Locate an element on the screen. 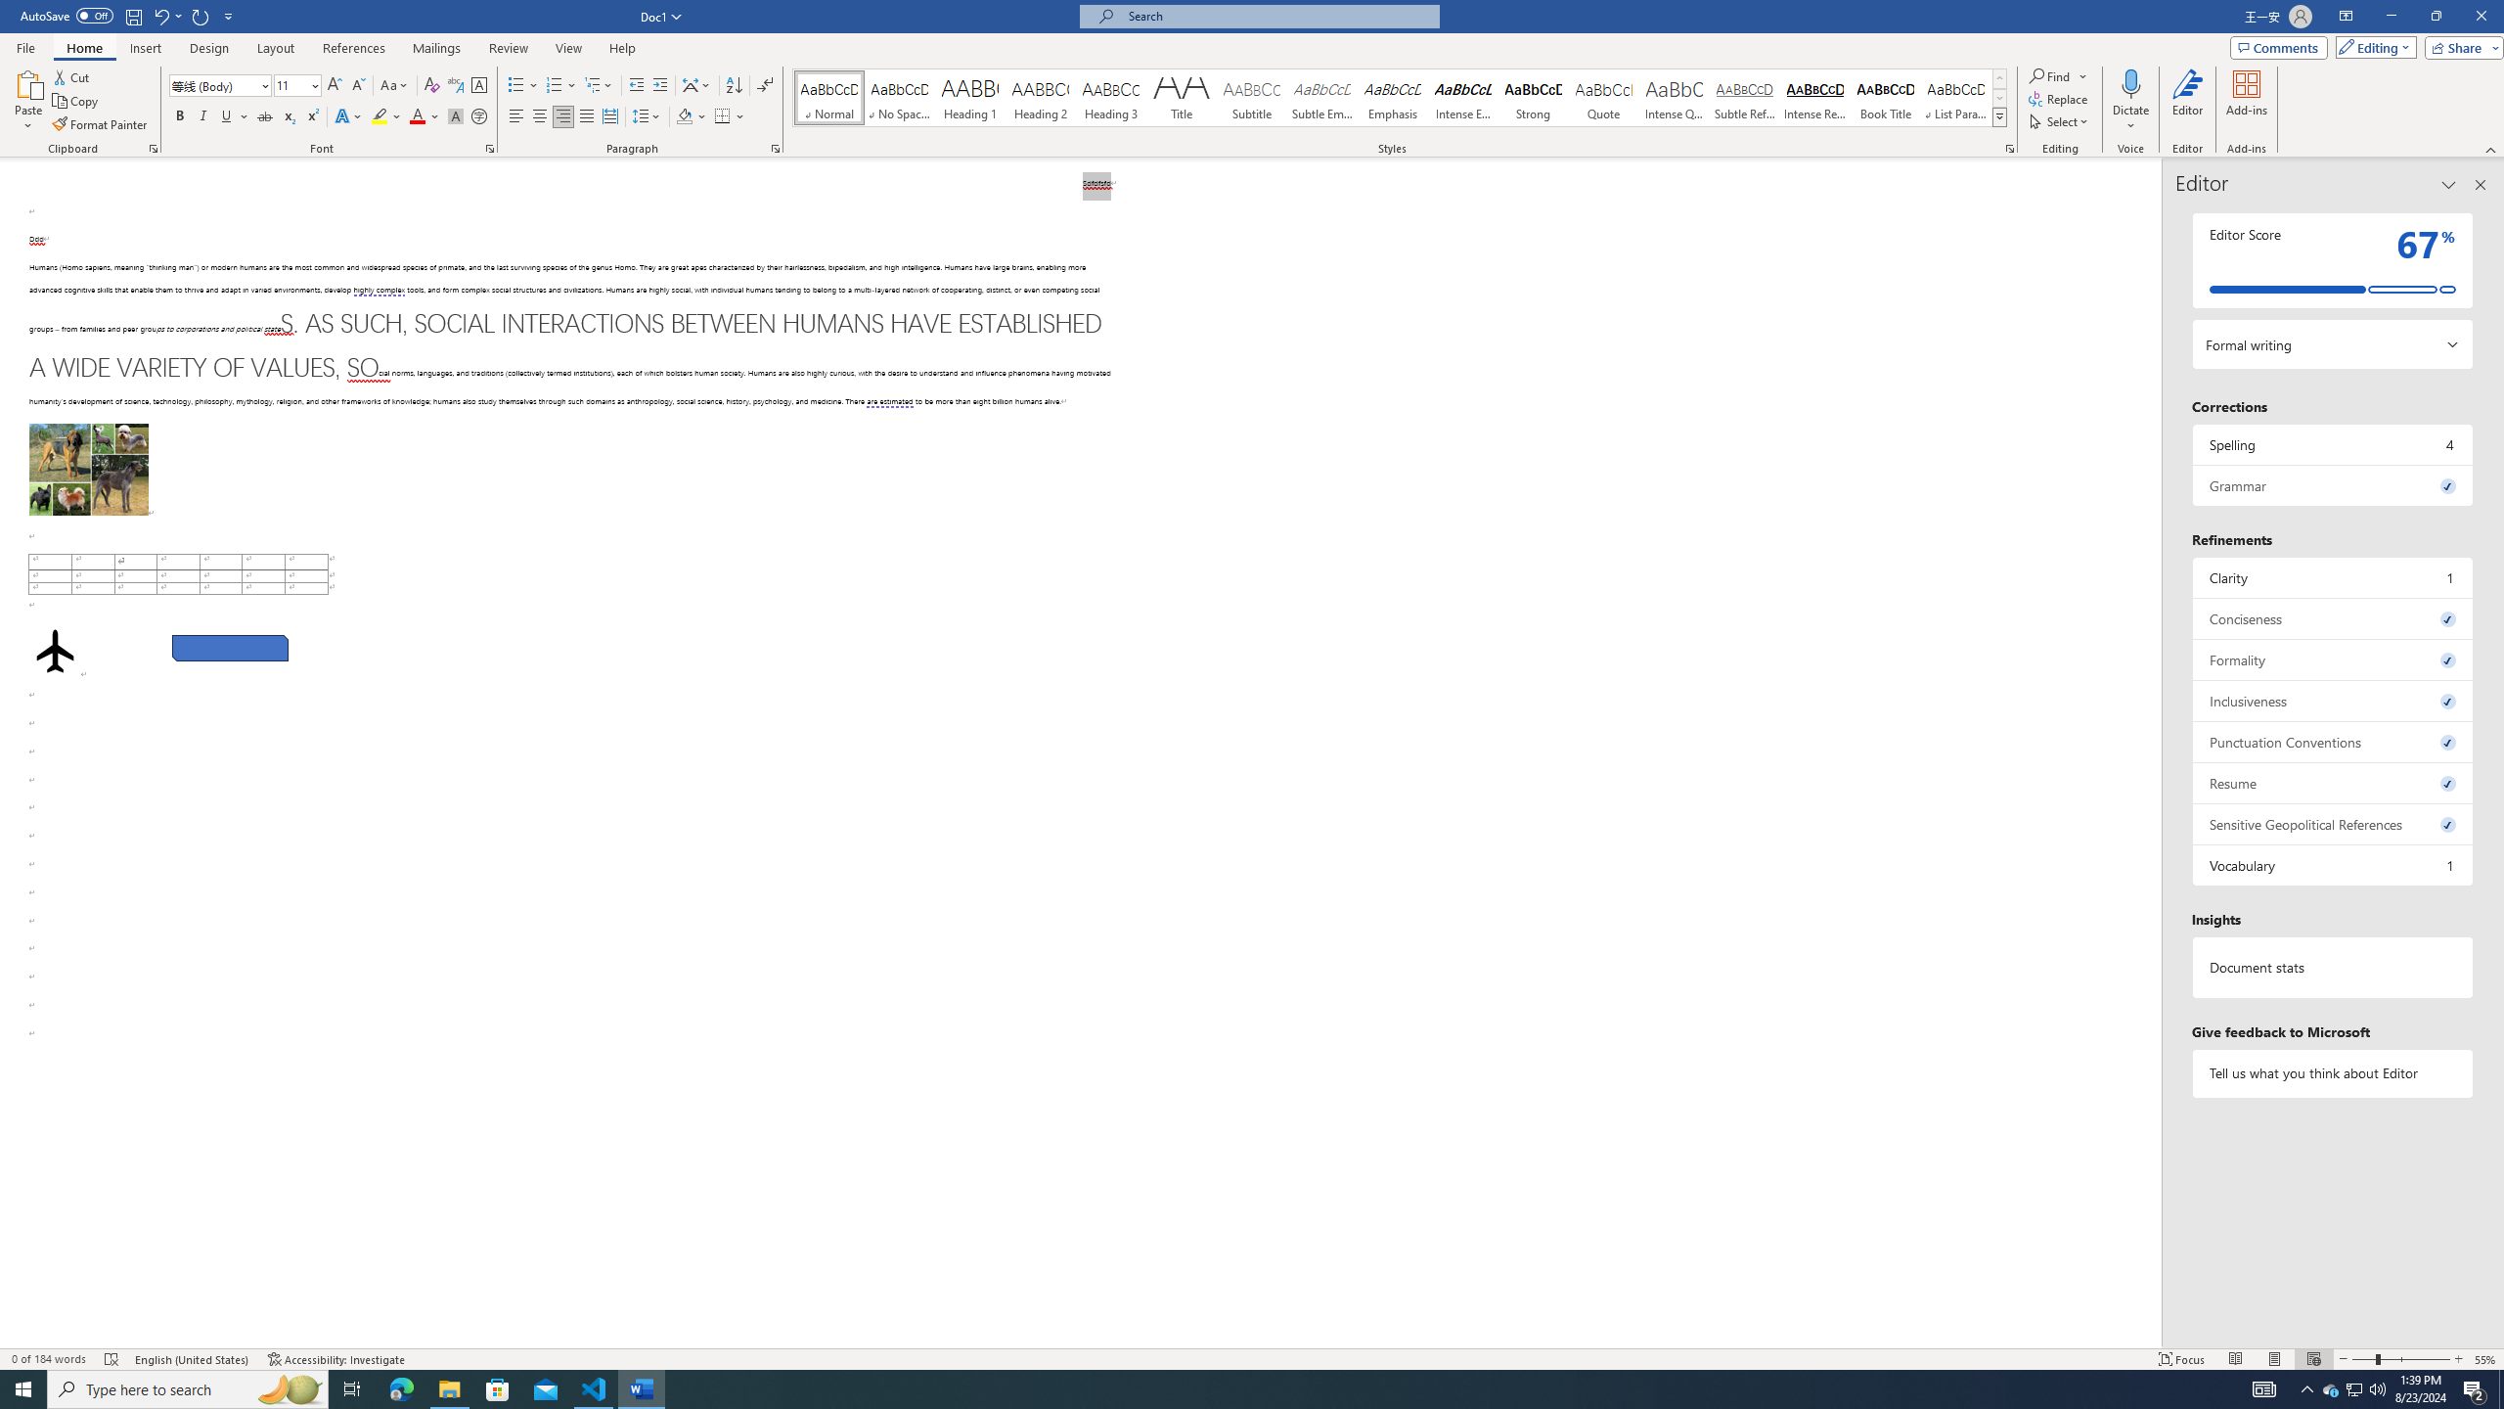 The width and height of the screenshot is (2504, 1409). 'Office Clipboard...' is located at coordinates (152, 147).